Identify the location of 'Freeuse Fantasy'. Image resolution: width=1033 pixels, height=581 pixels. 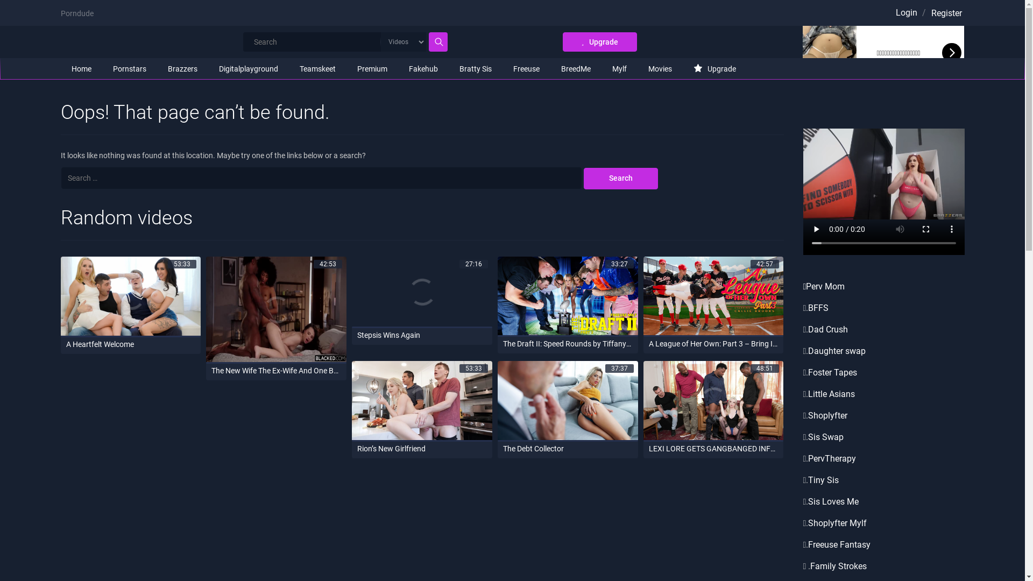
(808, 544).